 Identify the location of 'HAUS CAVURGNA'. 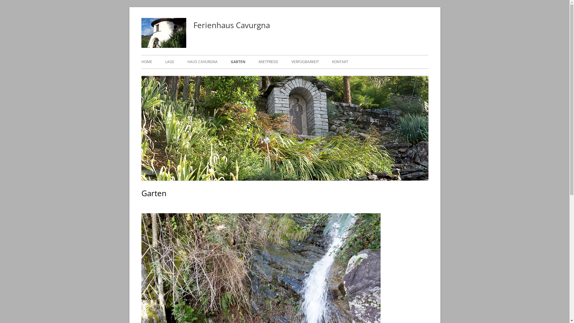
(202, 62).